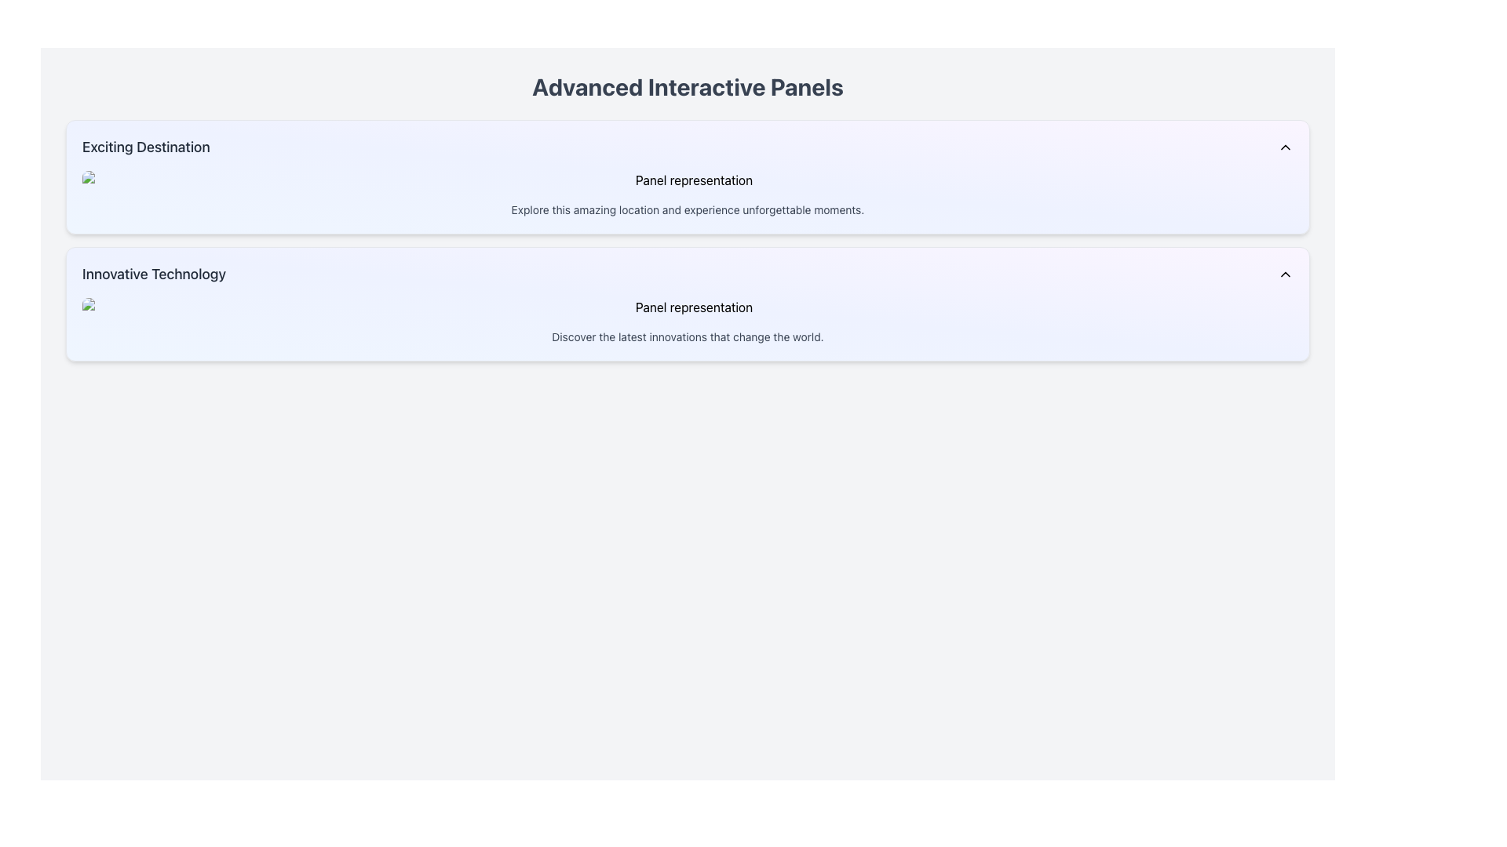  Describe the element at coordinates (1285, 274) in the screenshot. I see `the toggle icon for 'Innovative Technology'` at that location.